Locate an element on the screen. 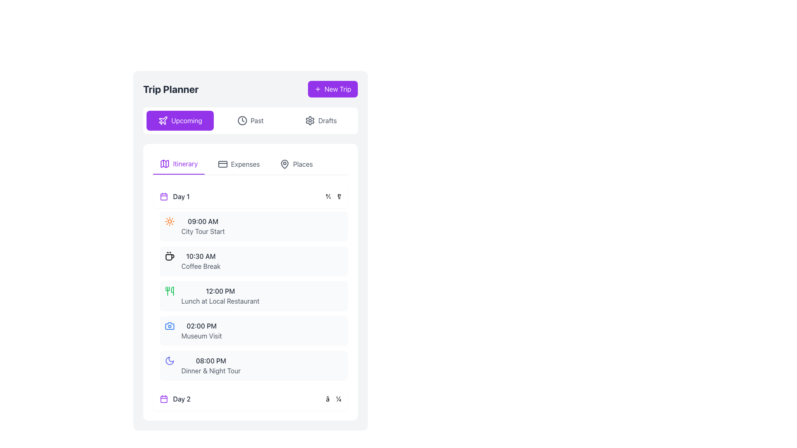  the 'Expenses' text label within the navigation menu is located at coordinates (245, 164).